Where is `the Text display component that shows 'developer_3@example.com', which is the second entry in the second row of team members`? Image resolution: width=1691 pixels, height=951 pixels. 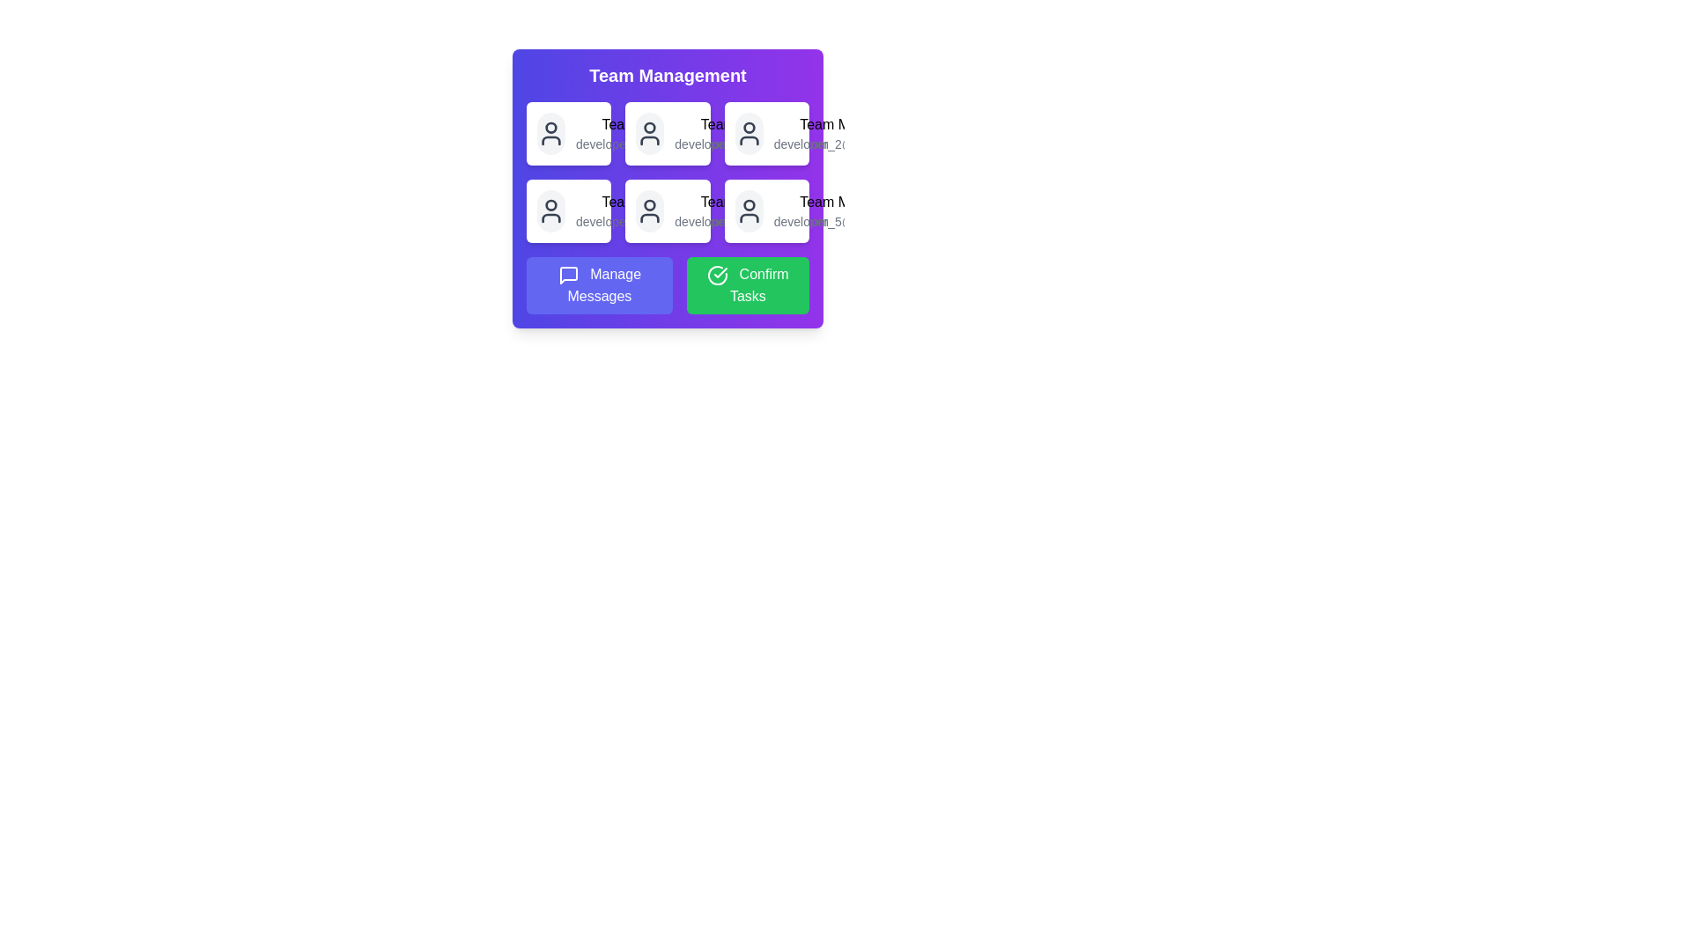 the Text display component that shows 'developer_3@example.com', which is the second entry in the second row of team members is located at coordinates (652, 210).